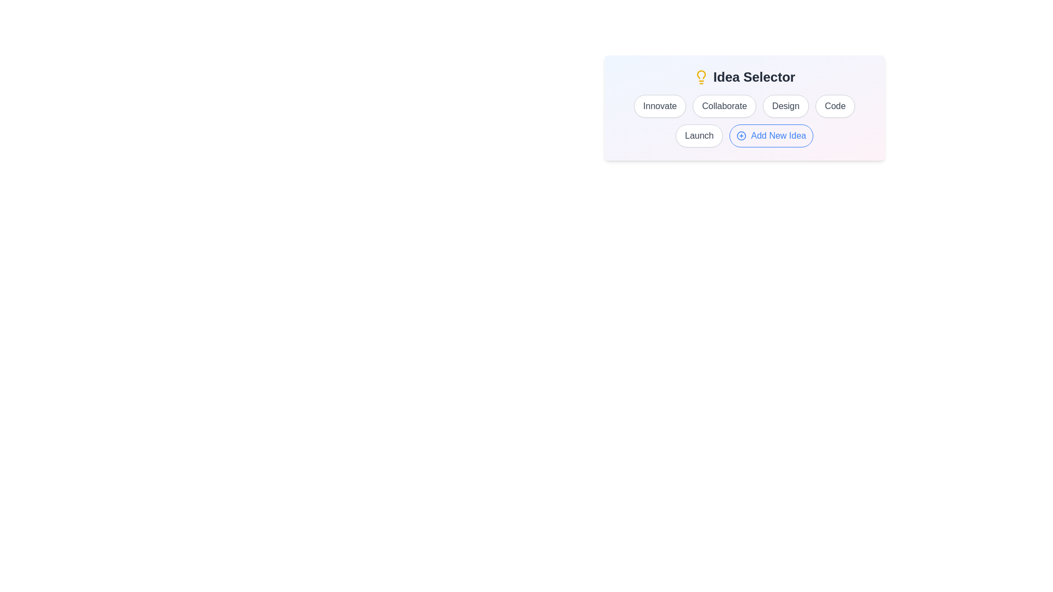 This screenshot has height=592, width=1053. I want to click on the idea labeled Innovate to select it, so click(659, 106).